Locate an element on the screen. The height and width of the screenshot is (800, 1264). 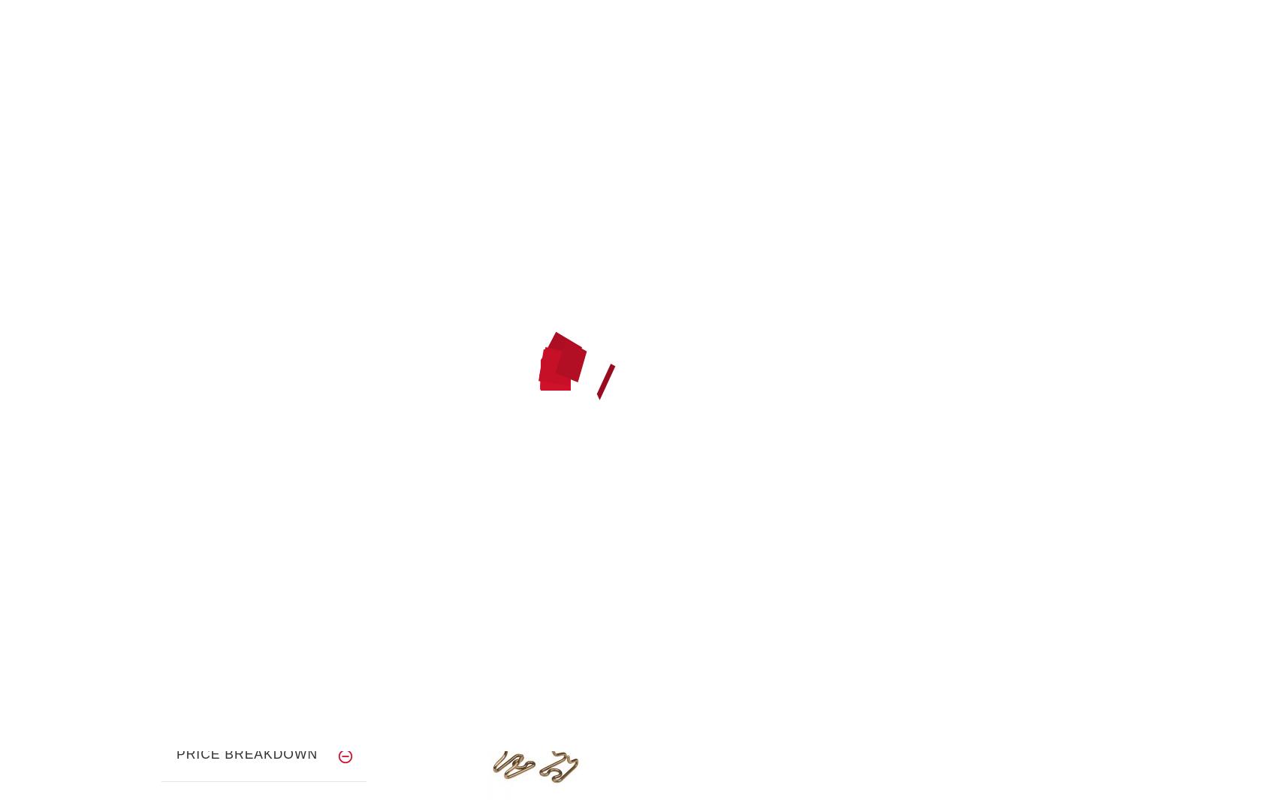
'JOIN US NOW!' is located at coordinates (756, 180).